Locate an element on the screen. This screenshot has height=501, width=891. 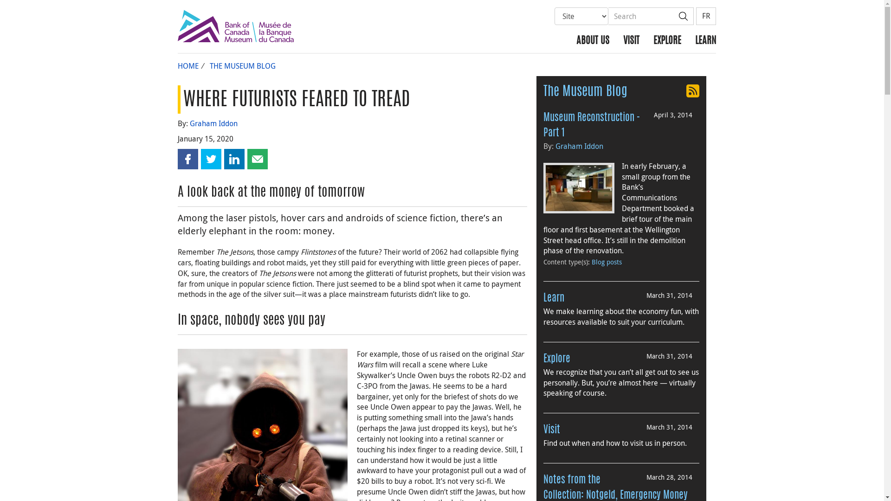
'Share this page on Facebook' is located at coordinates (187, 159).